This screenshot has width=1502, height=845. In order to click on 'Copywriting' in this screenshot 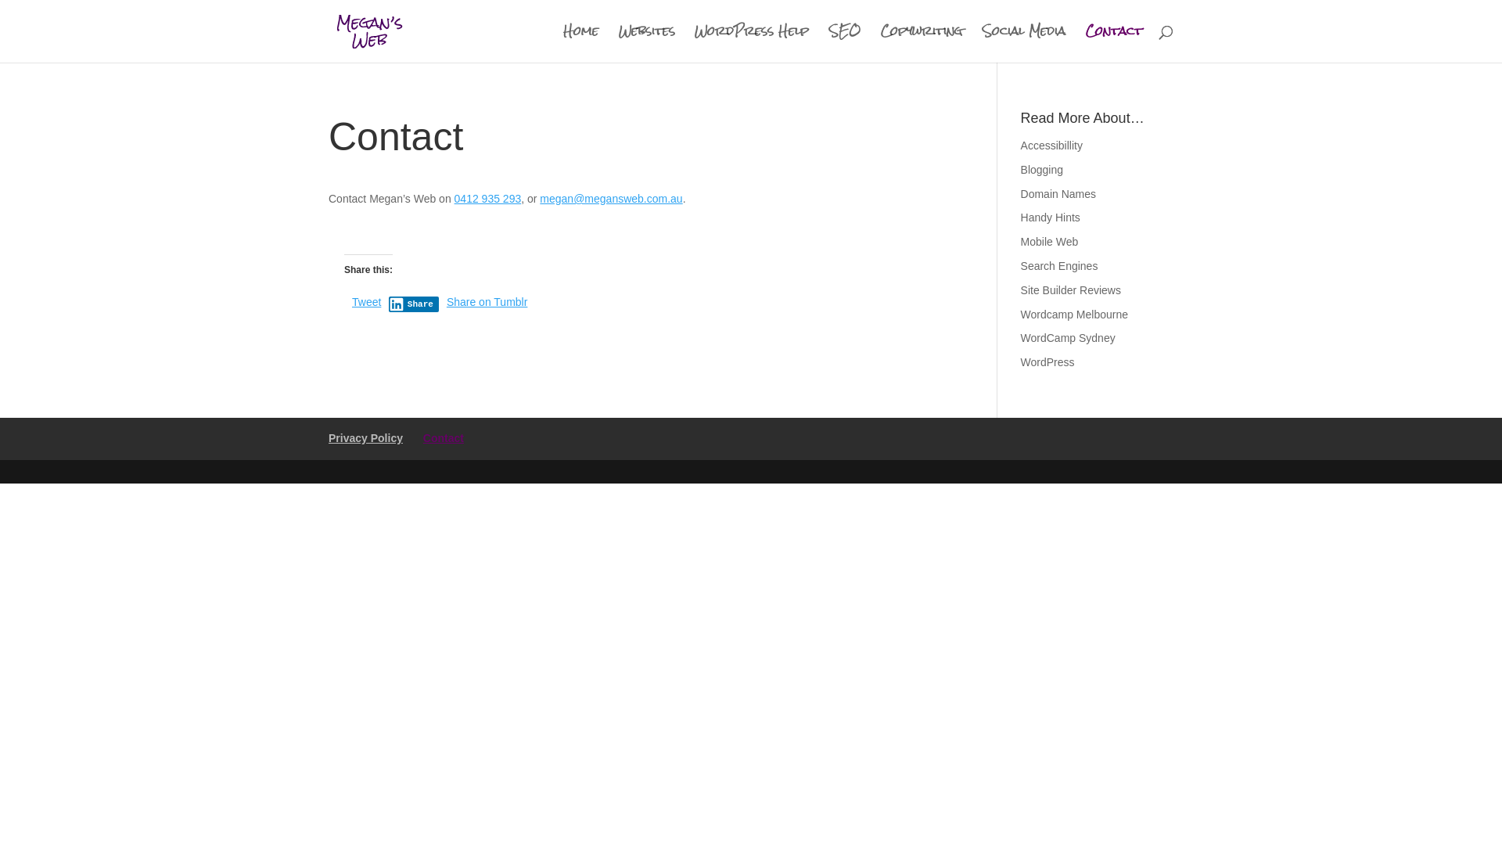, I will do `click(921, 43)`.